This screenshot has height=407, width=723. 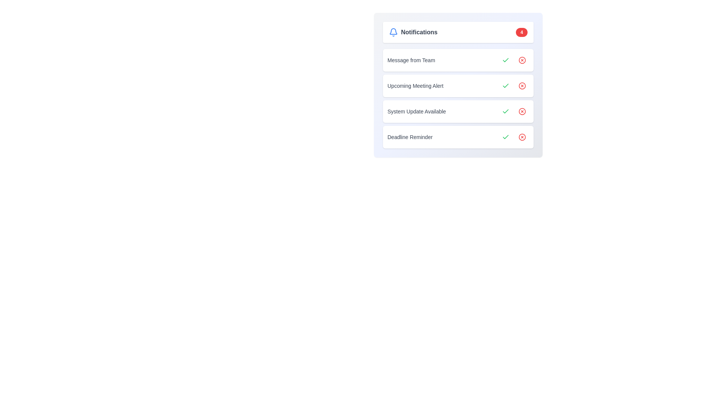 I want to click on the green checkmark icon indicating completion, located on the right-hand side of the 'System Update Available' notification entry, so click(x=506, y=111).